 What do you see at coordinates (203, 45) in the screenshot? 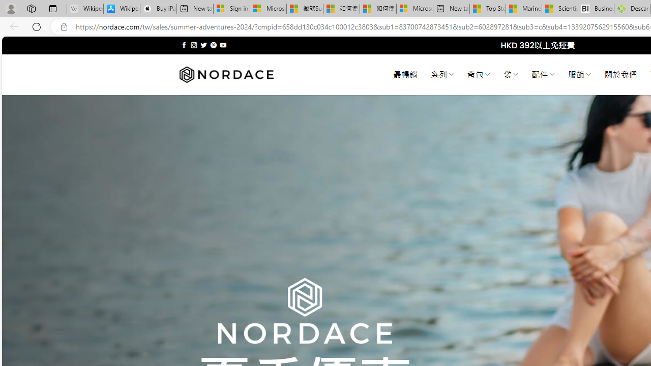
I see `'Follow on Twitter'` at bounding box center [203, 45].